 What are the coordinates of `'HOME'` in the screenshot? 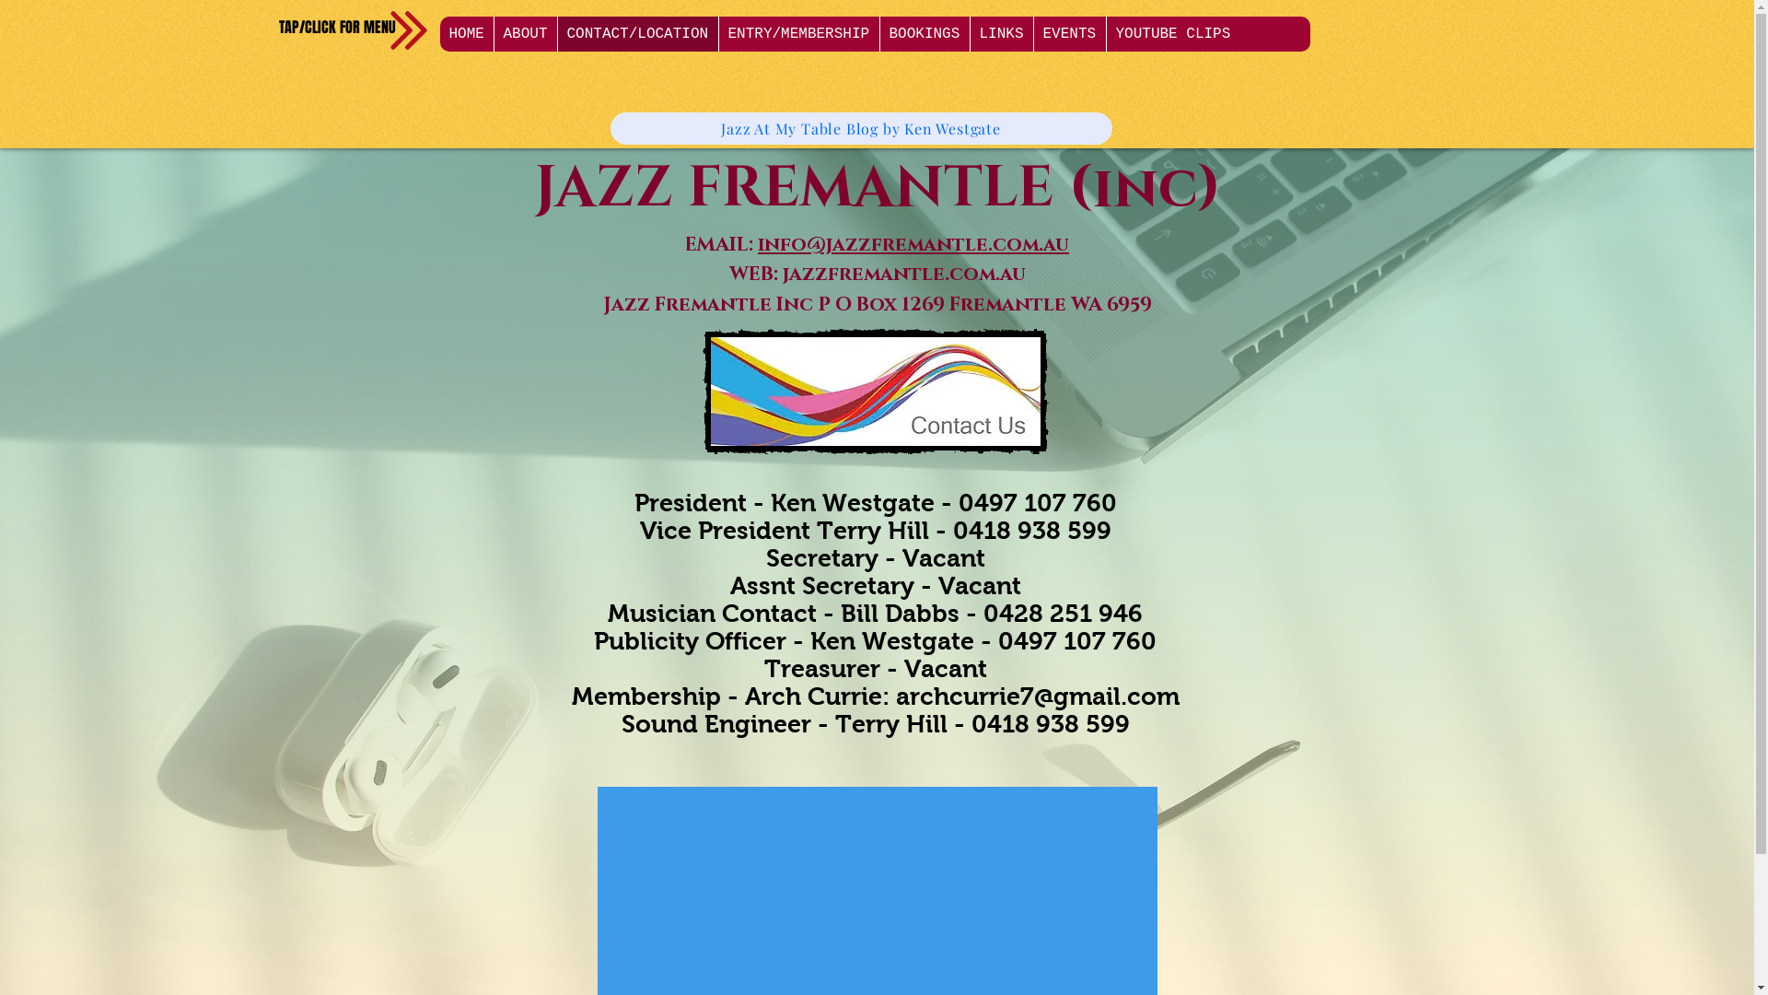 It's located at (439, 34).